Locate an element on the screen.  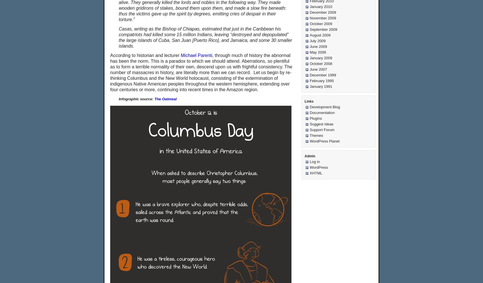
'November 2009' is located at coordinates (322, 18).